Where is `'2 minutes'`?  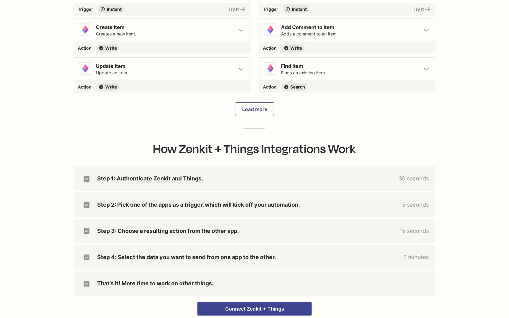 '2 minutes' is located at coordinates (416, 257).